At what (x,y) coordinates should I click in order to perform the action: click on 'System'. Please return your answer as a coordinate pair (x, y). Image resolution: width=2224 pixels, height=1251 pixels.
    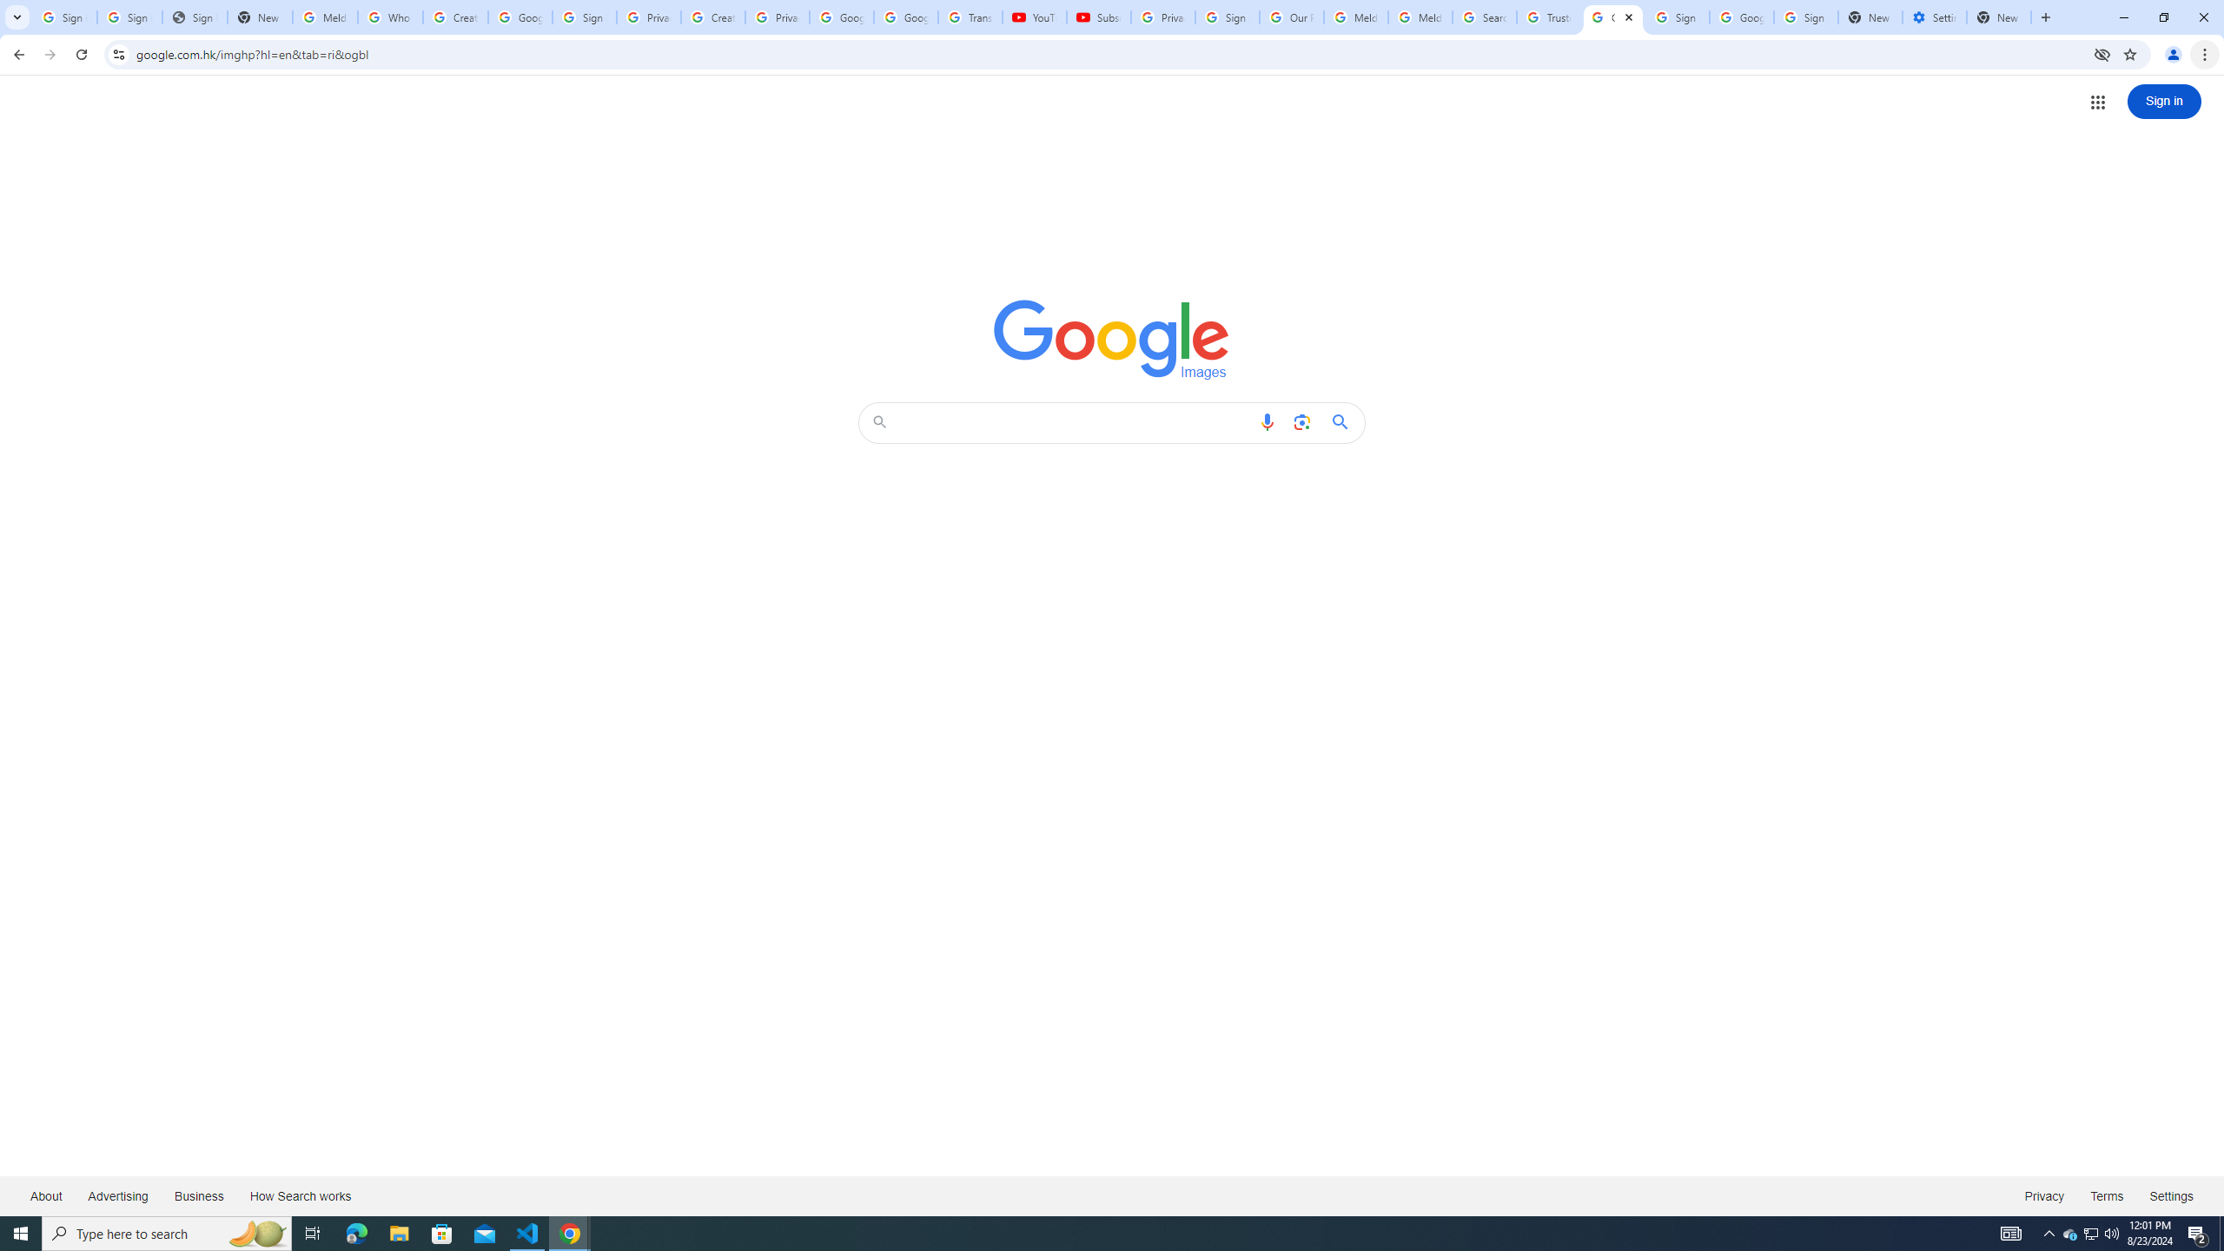
    Looking at the image, I should click on (10, 8).